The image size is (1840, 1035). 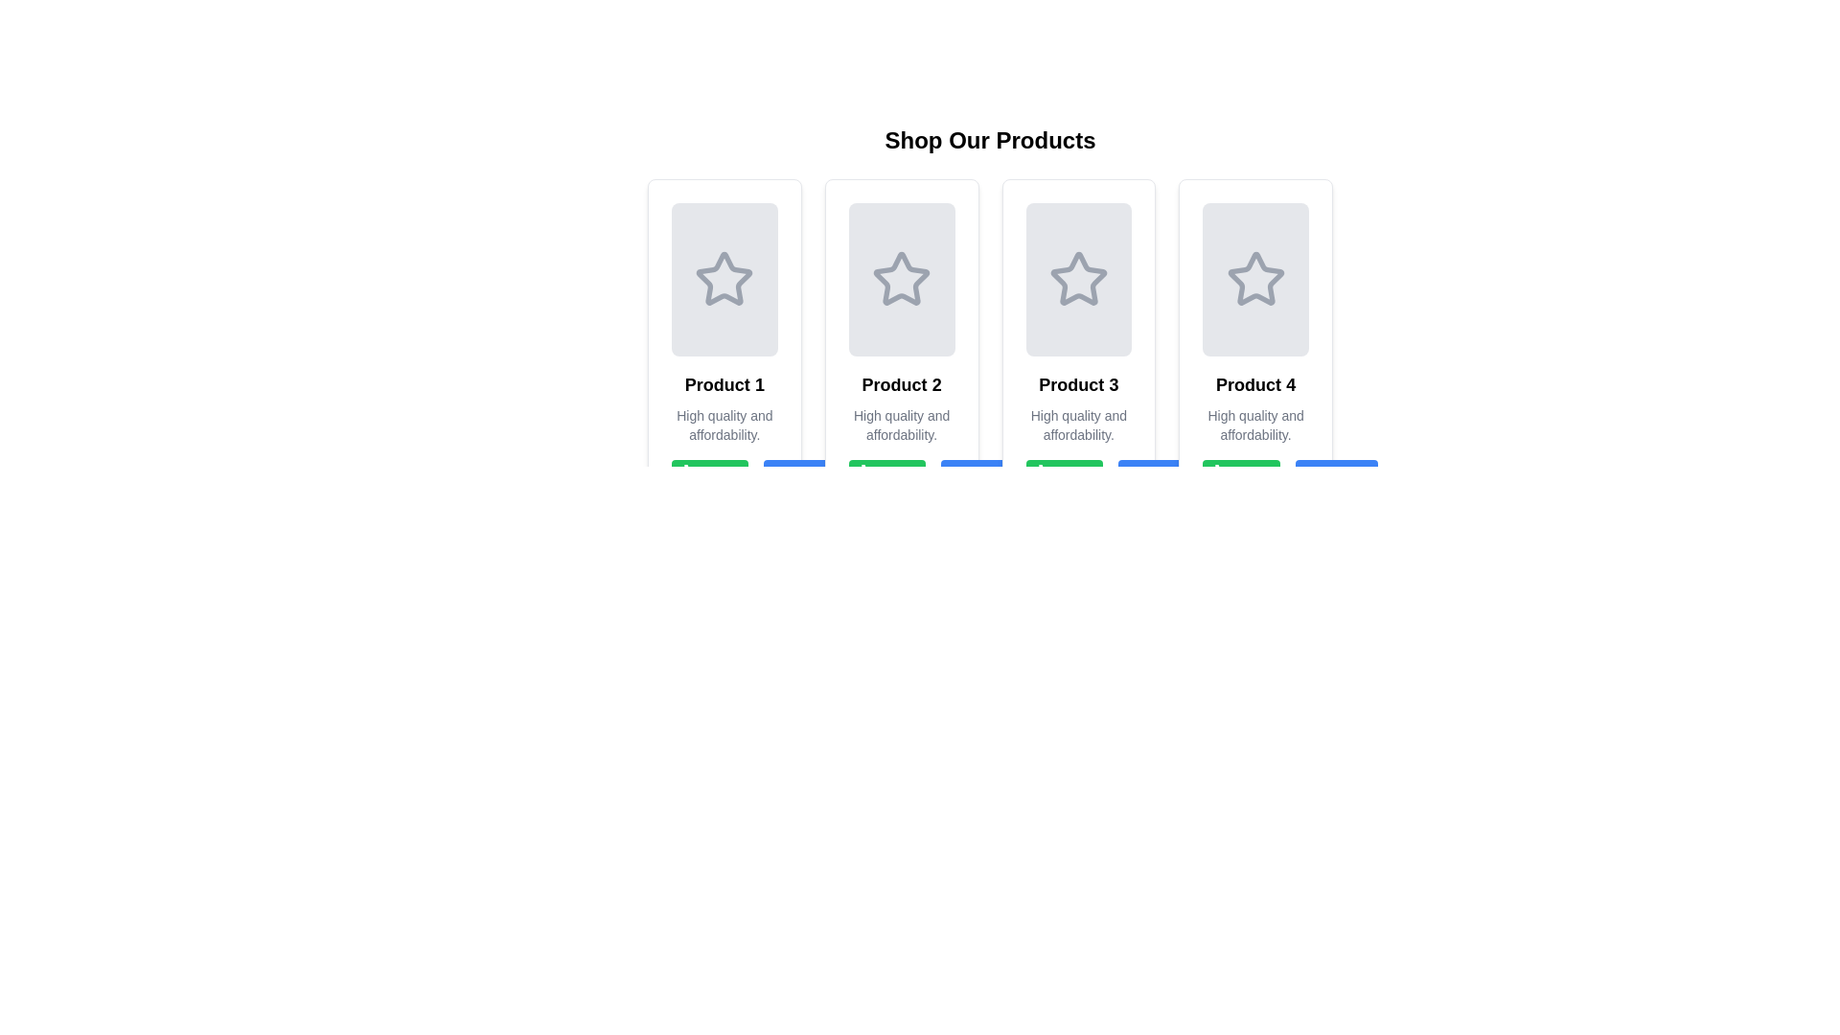 What do you see at coordinates (1239, 474) in the screenshot?
I see `the heart icon located within the rounded rectangle button below the 'Product 4' card, positioned to the left of the 'Like' text` at bounding box center [1239, 474].